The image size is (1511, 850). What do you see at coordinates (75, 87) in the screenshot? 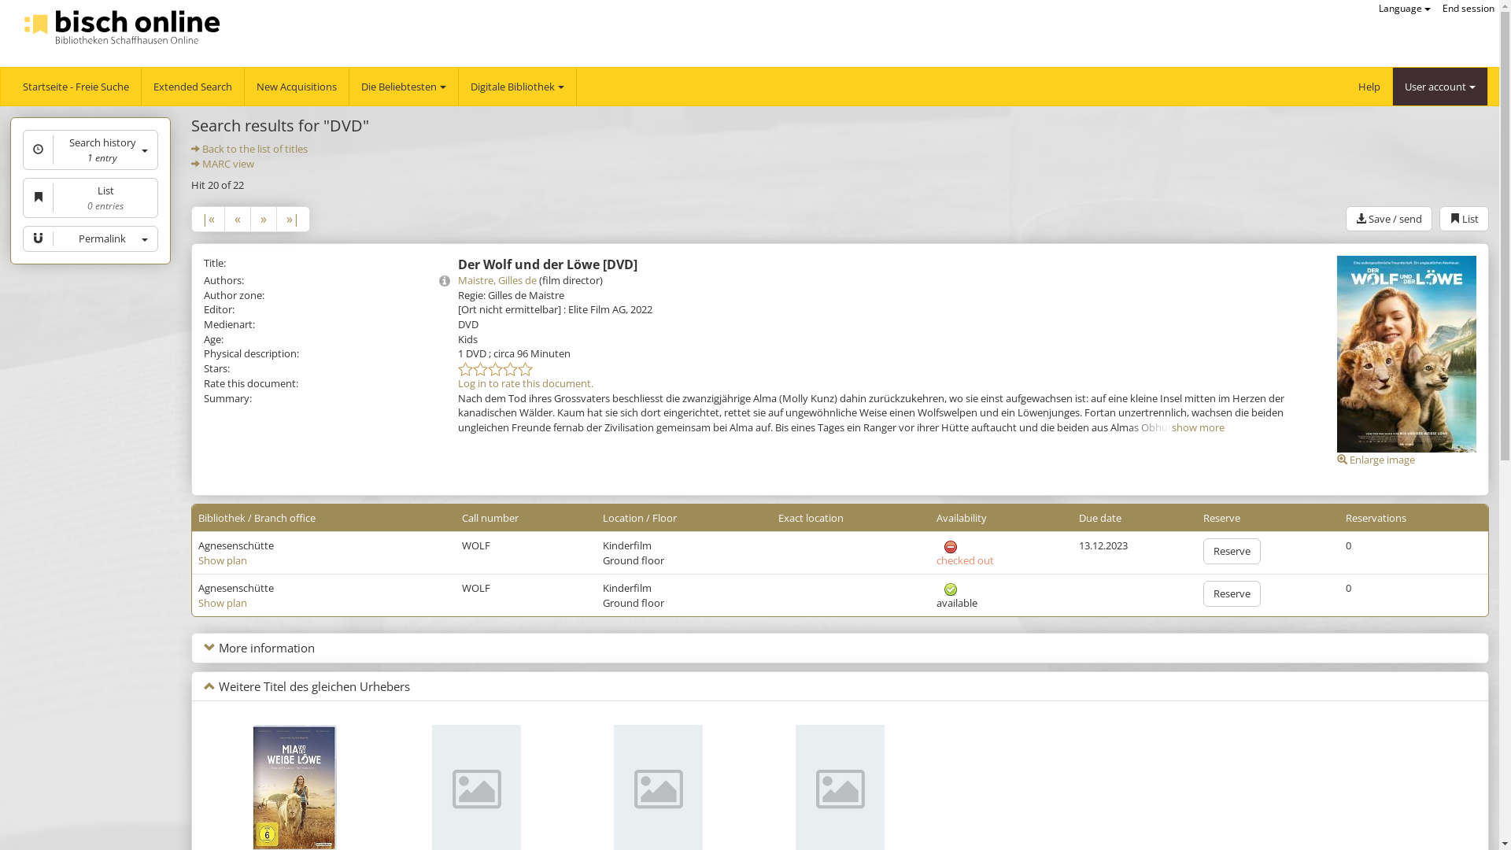
I see `'Startseite - Freie Suche'` at bounding box center [75, 87].